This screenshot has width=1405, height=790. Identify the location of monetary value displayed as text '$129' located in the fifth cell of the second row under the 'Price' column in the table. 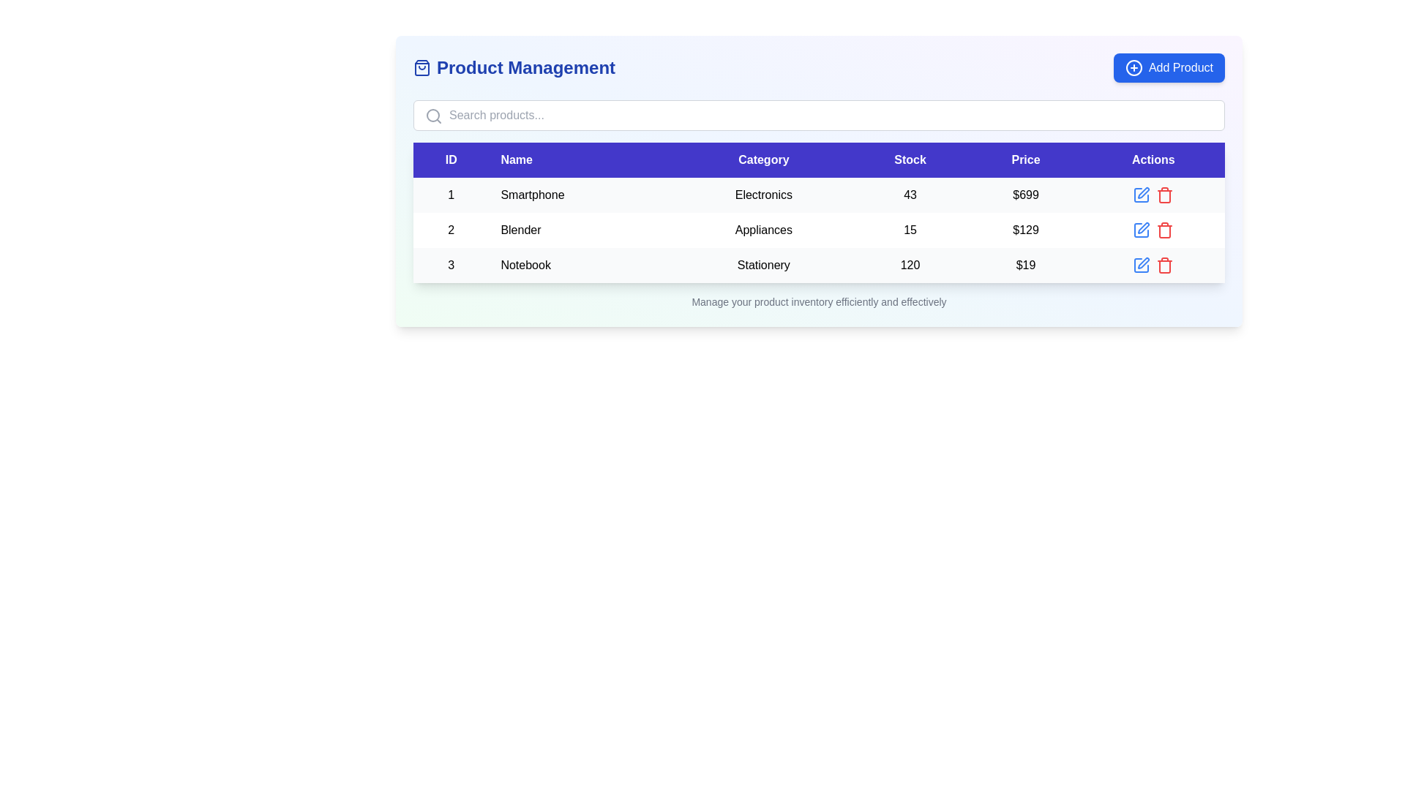
(1024, 230).